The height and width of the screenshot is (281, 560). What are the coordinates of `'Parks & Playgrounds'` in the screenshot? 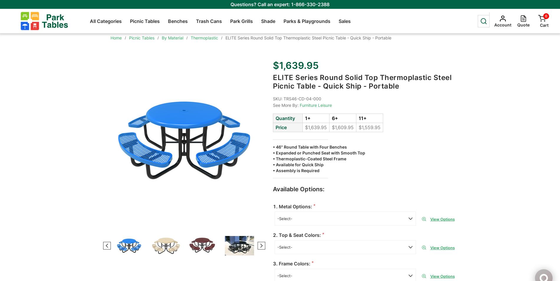 It's located at (307, 20).